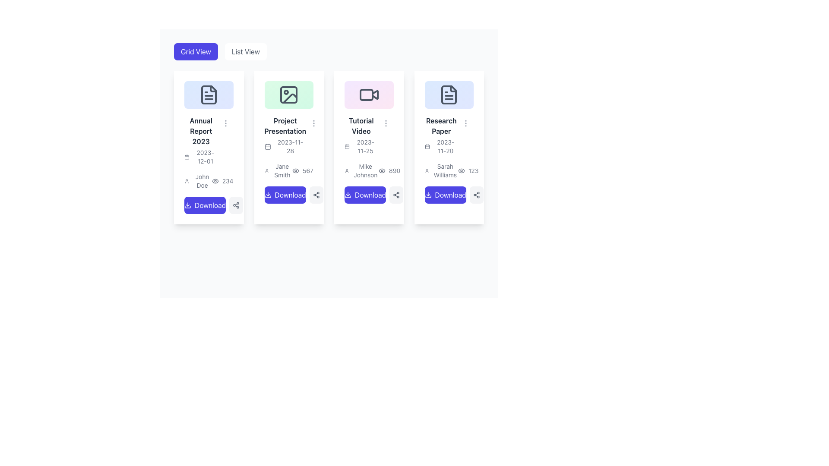  Describe the element at coordinates (209, 205) in the screenshot. I see `the 'Download' button with a blue background and white text, located at the bottom of the 'Annual Report 2023' card` at that location.